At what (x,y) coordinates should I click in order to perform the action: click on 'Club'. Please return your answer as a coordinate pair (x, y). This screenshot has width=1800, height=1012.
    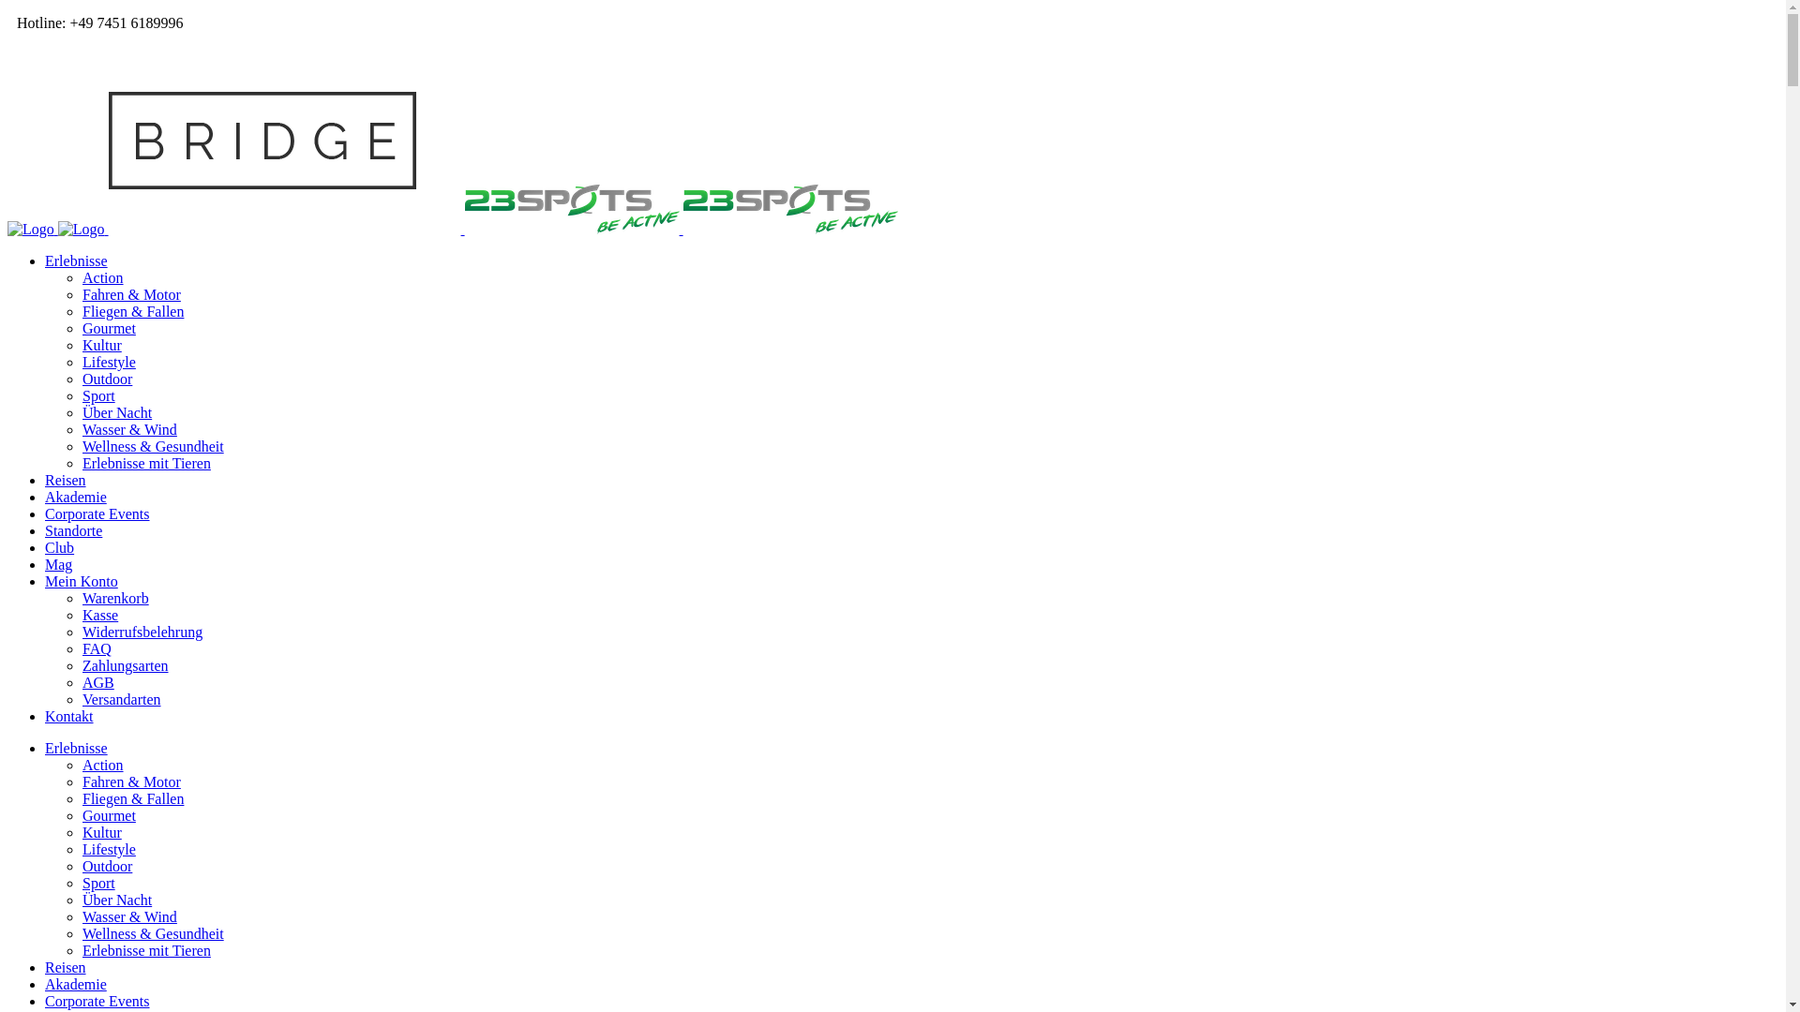
    Looking at the image, I should click on (59, 547).